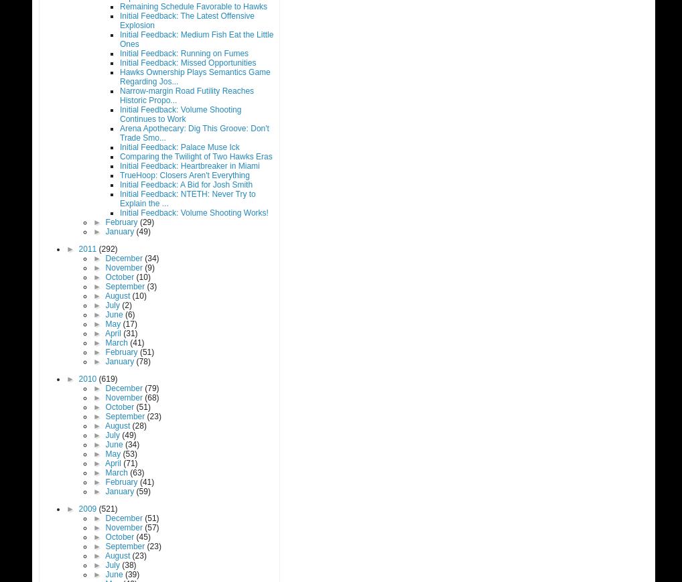 This screenshot has height=582, width=682. Describe the element at coordinates (151, 528) in the screenshot. I see `'(57)'` at that location.